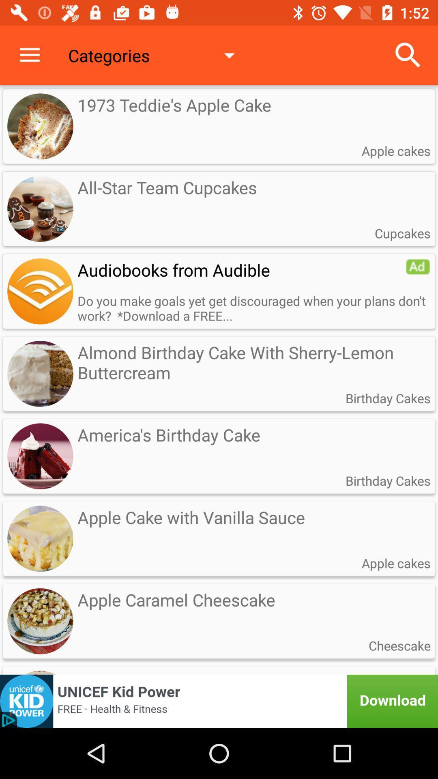 This screenshot has width=438, height=779. I want to click on download the unicef app, so click(219, 701).